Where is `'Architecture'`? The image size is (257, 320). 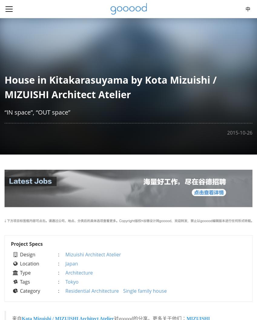
'Architecture' is located at coordinates (79, 272).